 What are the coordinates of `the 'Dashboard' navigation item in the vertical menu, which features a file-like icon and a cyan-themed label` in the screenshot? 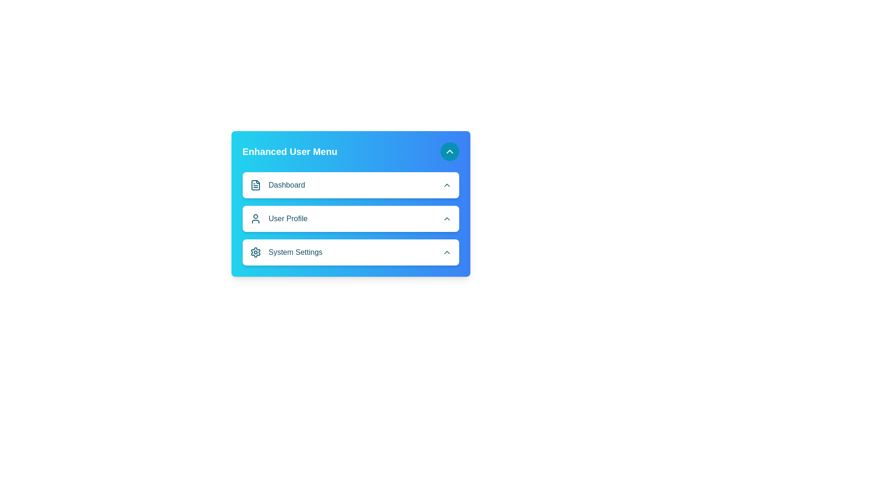 It's located at (277, 185).